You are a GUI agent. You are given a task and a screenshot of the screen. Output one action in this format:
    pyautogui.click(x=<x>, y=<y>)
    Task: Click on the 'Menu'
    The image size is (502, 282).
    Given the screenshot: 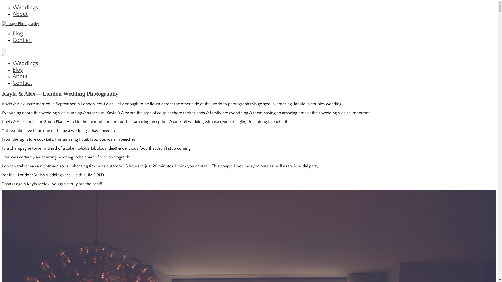 What is the action you would take?
    pyautogui.click(x=4, y=51)
    